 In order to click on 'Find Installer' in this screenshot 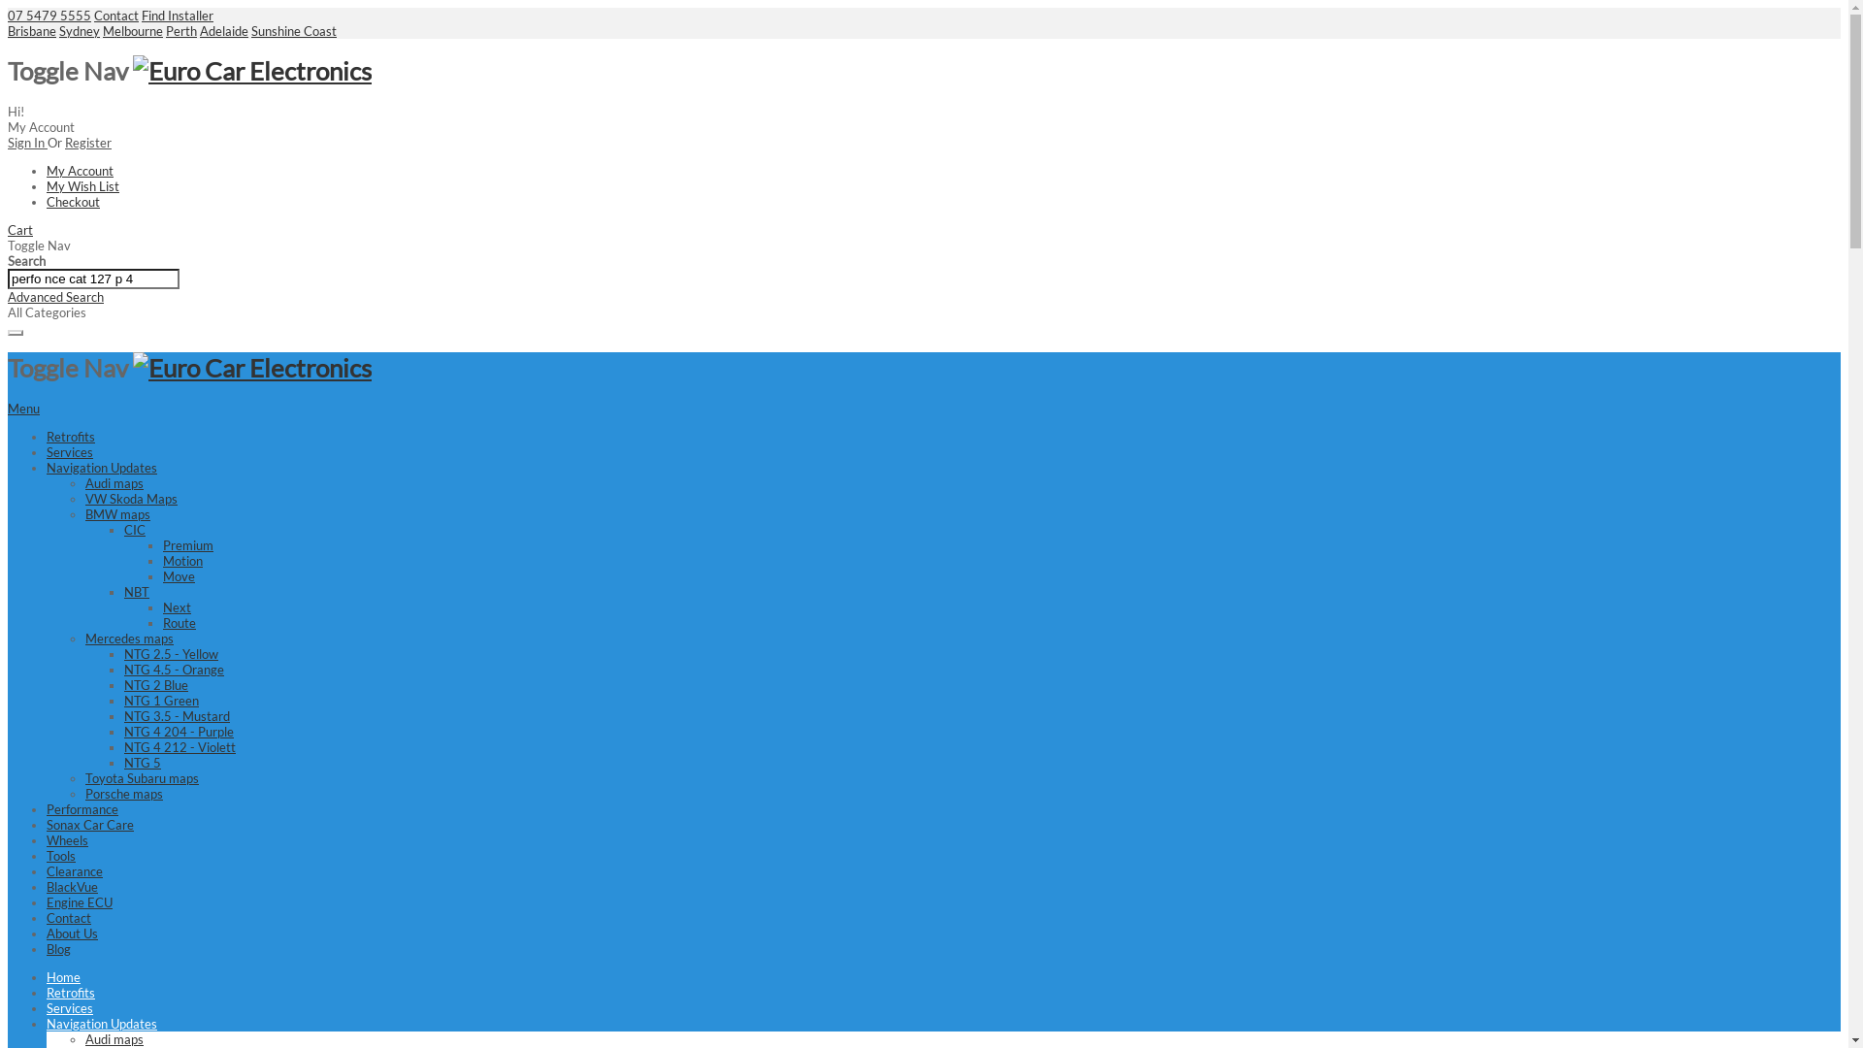, I will do `click(177, 15)`.